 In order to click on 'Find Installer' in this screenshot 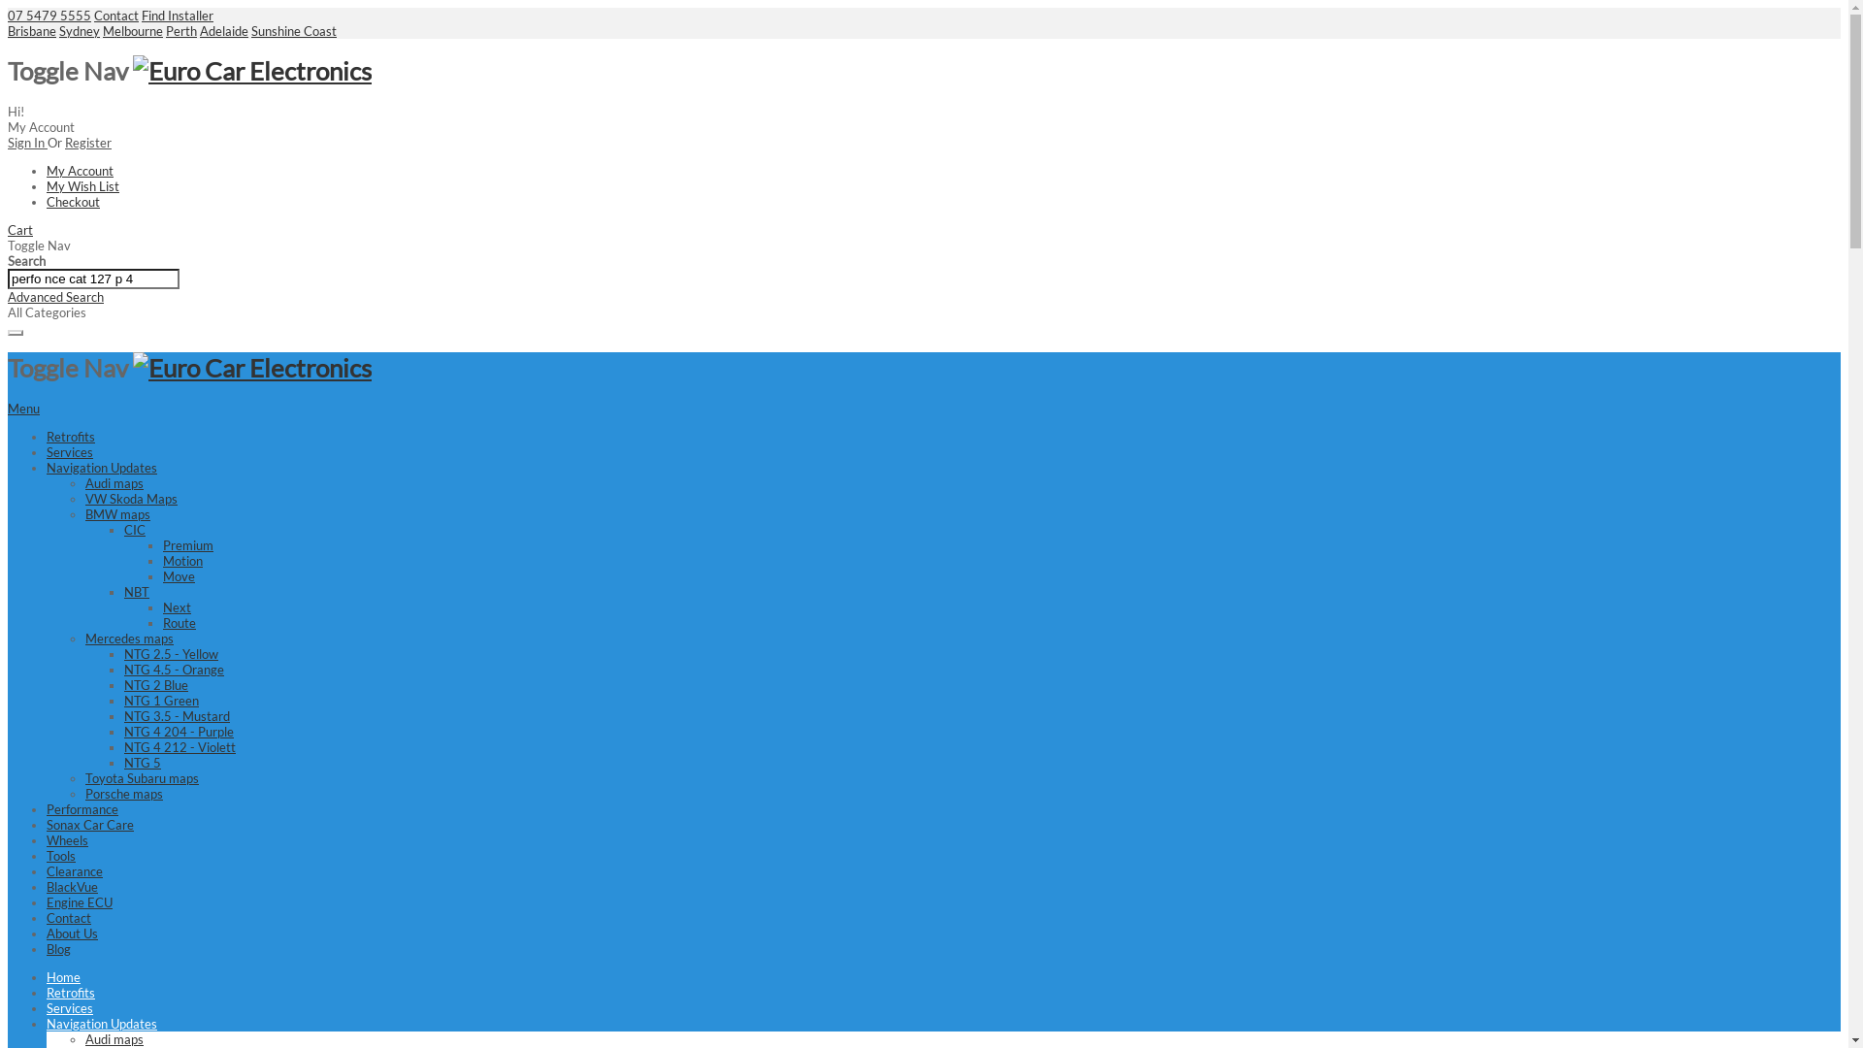, I will do `click(177, 15)`.